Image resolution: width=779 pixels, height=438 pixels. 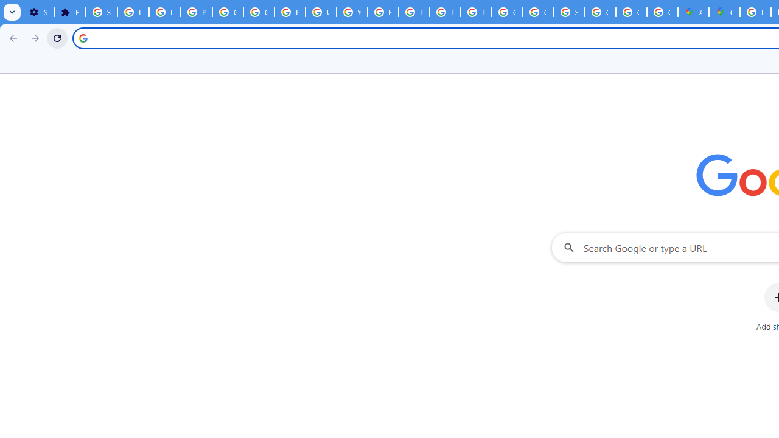 I want to click on 'Privacy Help Center - Policies Help', so click(x=414, y=12).